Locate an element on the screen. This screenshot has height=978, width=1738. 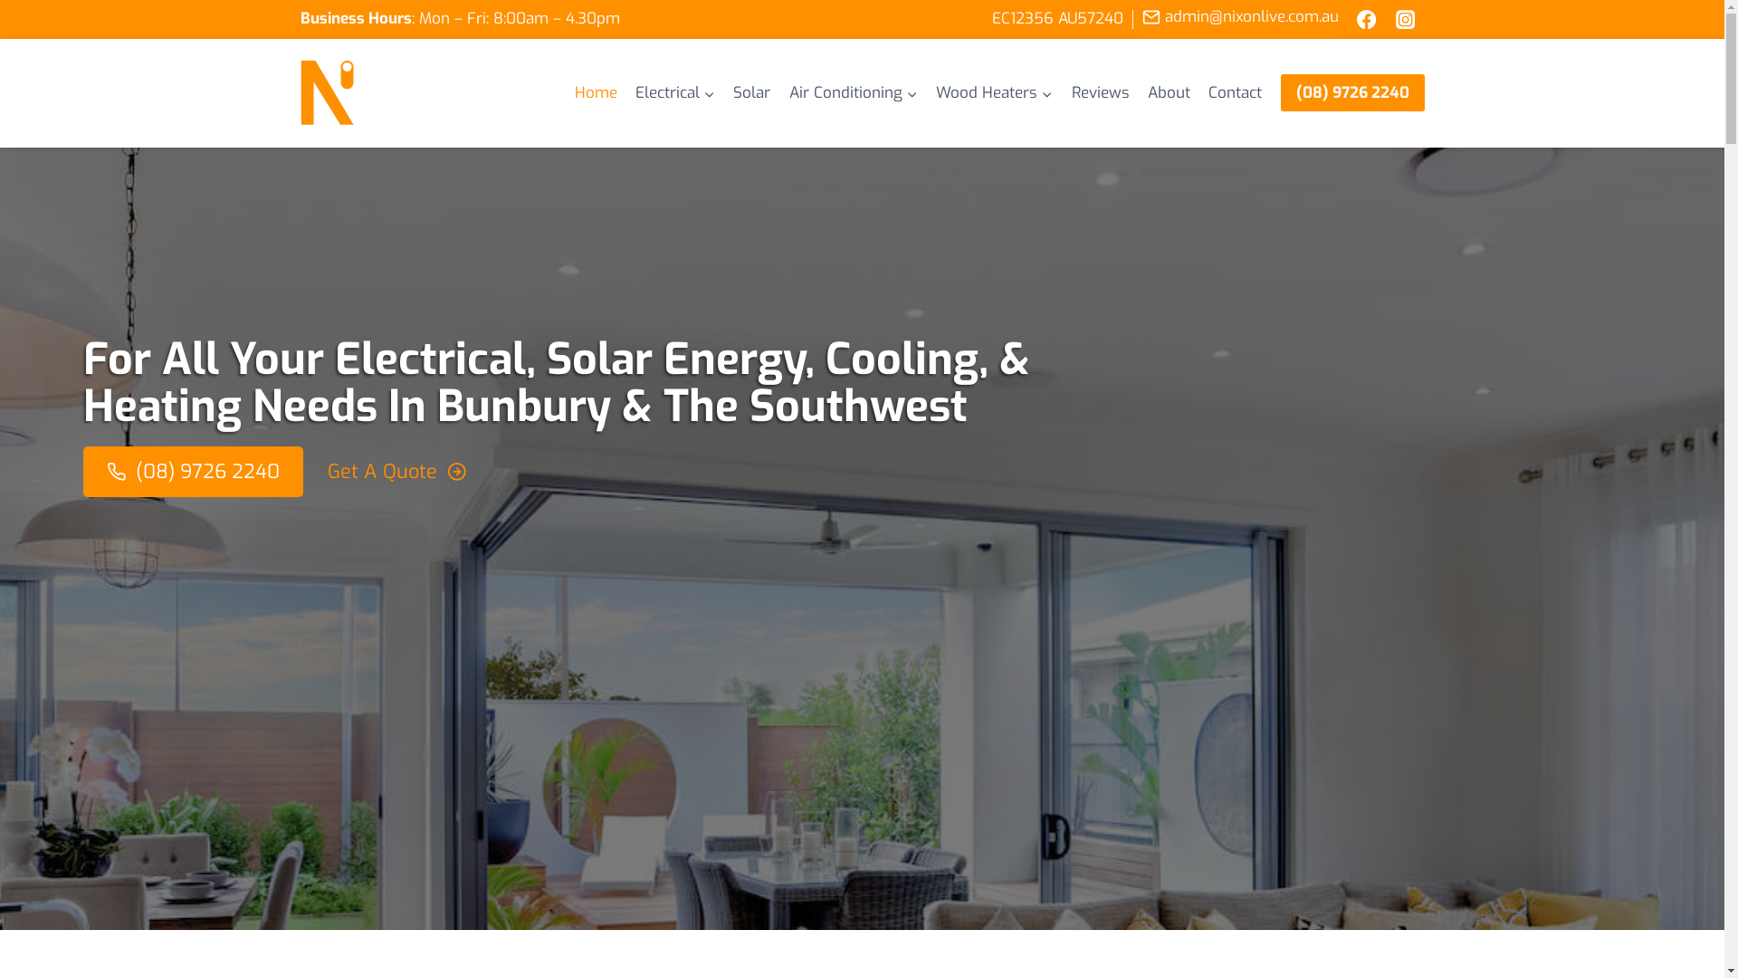
'Contact' is located at coordinates (1234, 91).